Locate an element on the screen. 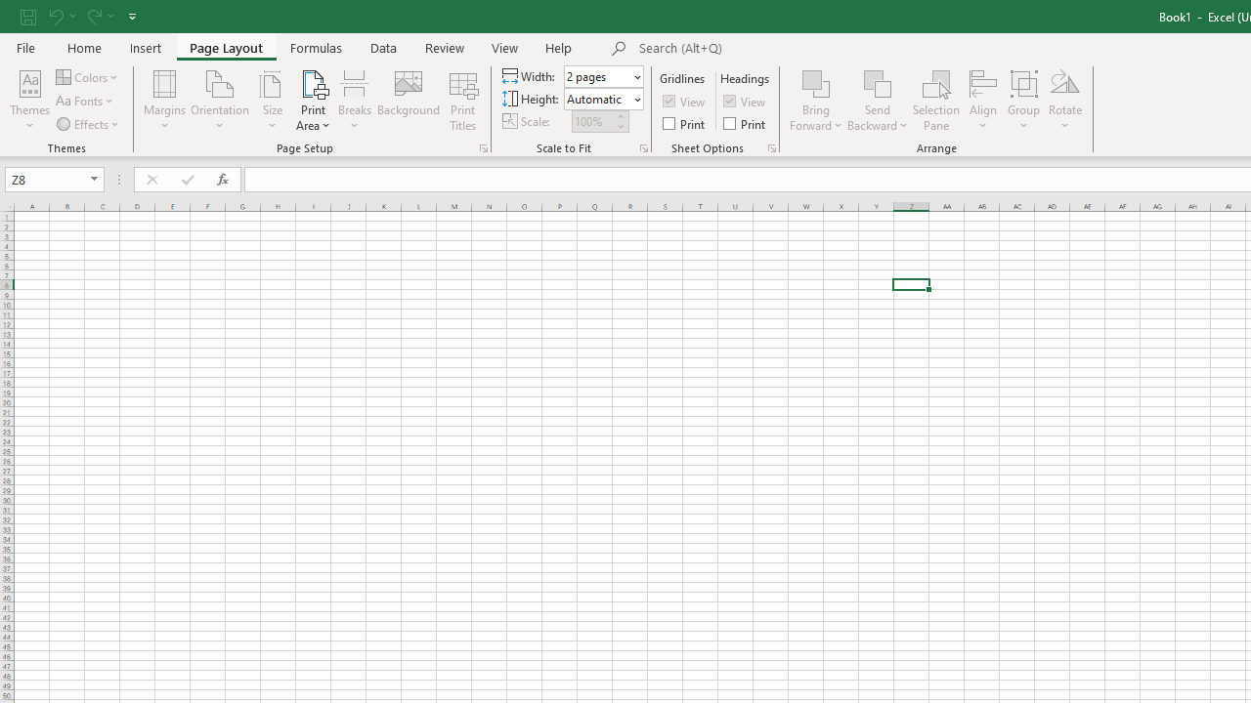  'Less' is located at coordinates (619, 126).